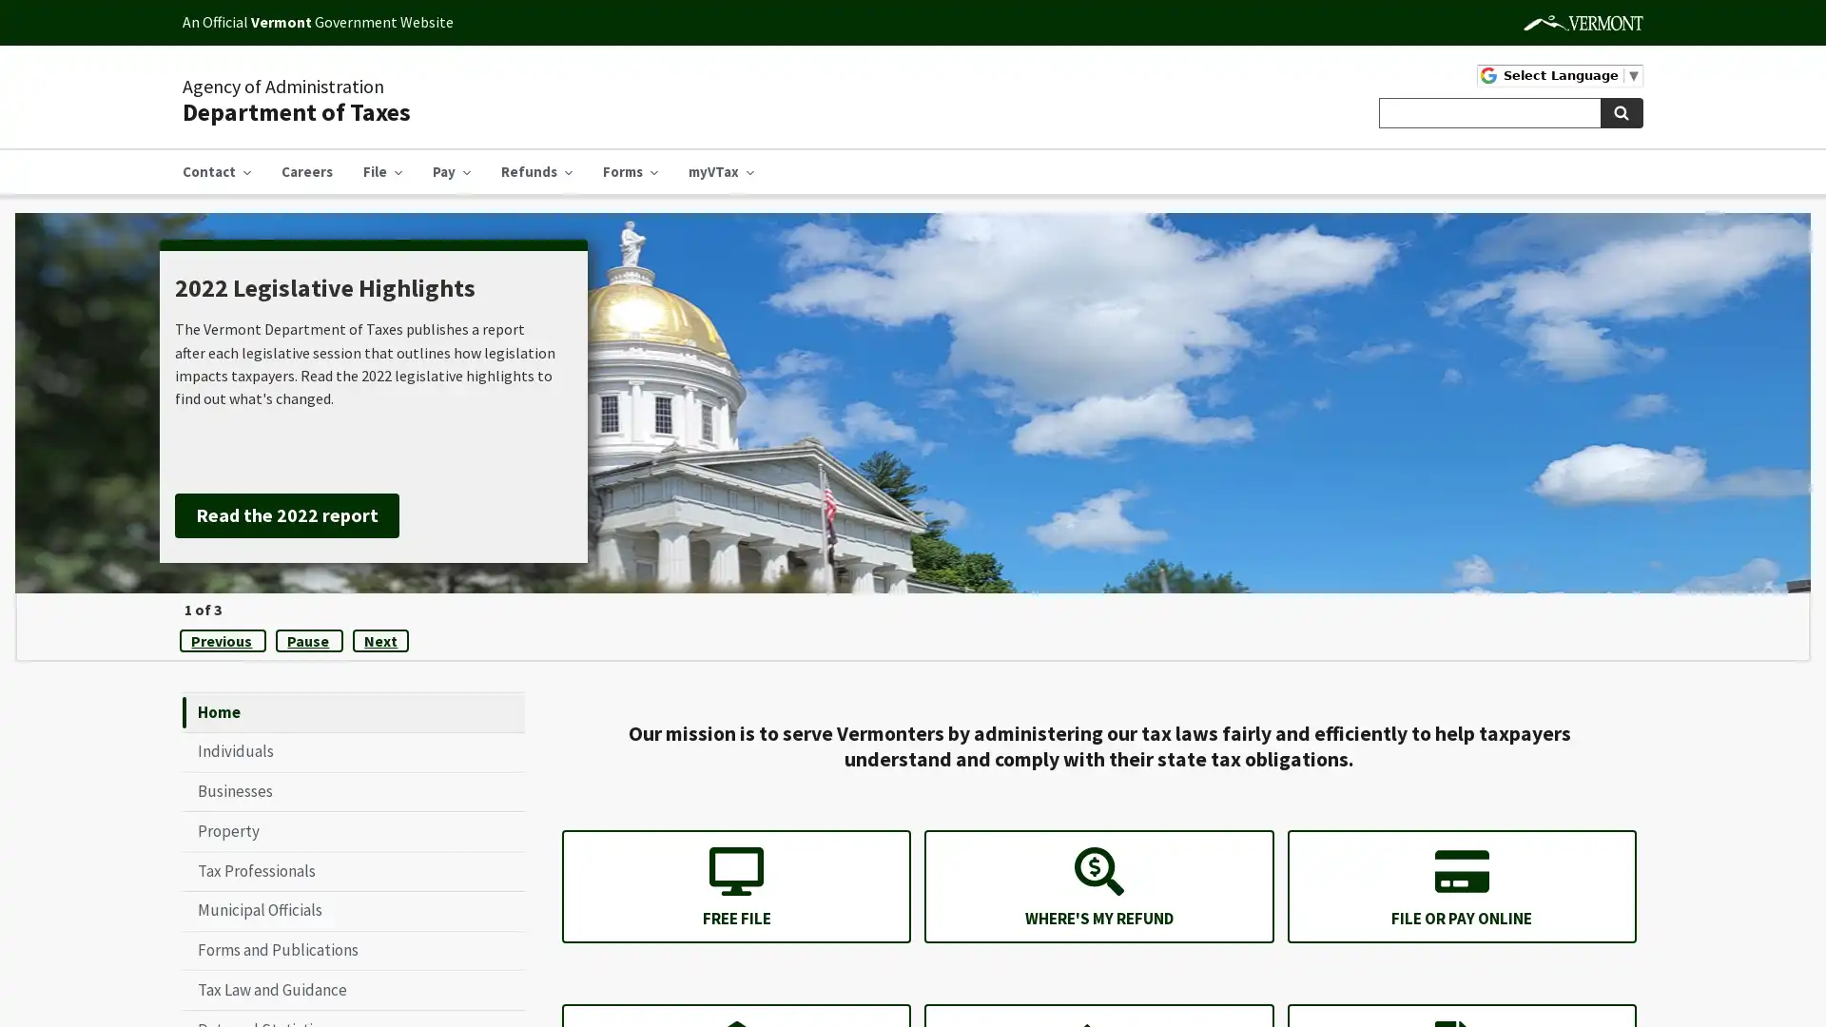  What do you see at coordinates (1620, 113) in the screenshot?
I see `Submit` at bounding box center [1620, 113].